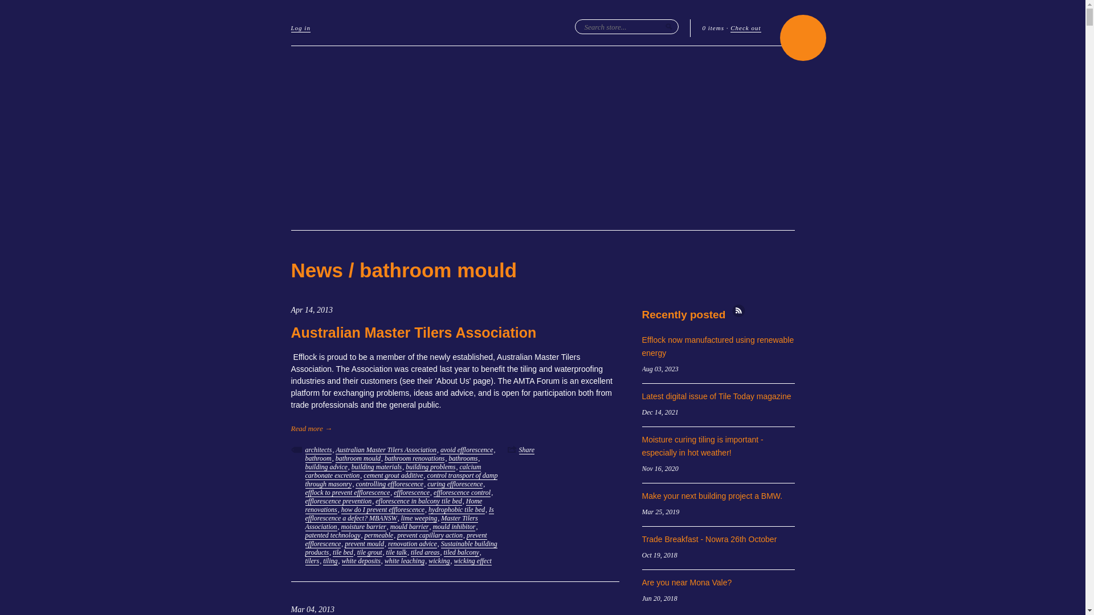 Image resolution: width=1094 pixels, height=615 pixels. Describe the element at coordinates (410, 527) in the screenshot. I see `'mould barrier'` at that location.